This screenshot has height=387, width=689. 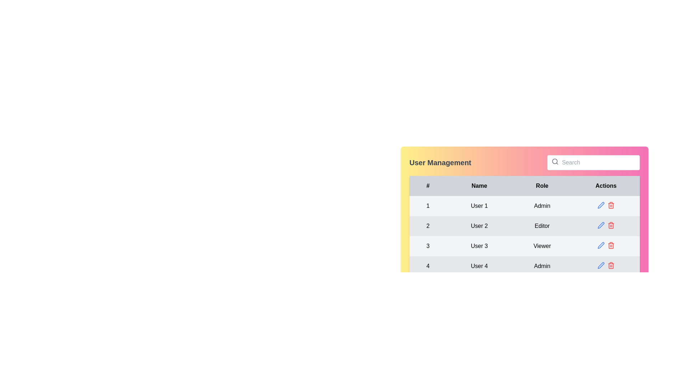 What do you see at coordinates (542, 206) in the screenshot?
I see `the centrally-aligned text label displaying 'Admin' in black font located in the third cell of the first row under the 'Role' column corresponding to 'User 1'` at bounding box center [542, 206].